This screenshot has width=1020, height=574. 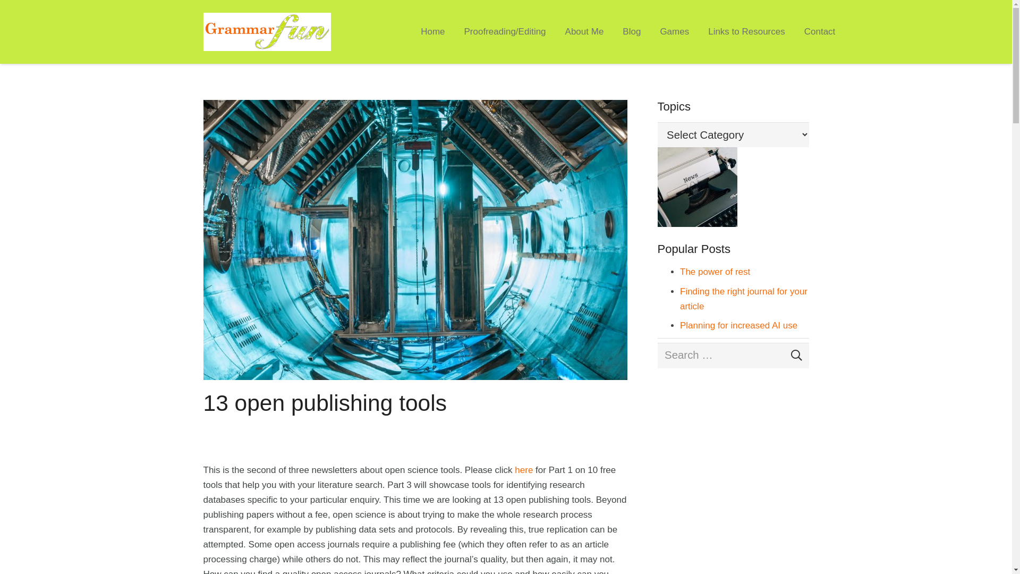 I want to click on 'Contact', so click(x=819, y=31).